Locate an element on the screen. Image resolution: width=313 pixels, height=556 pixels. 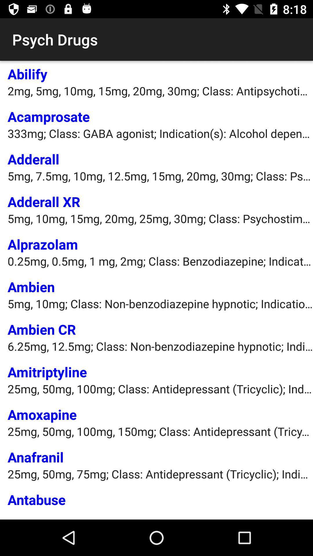
the app below 25mg 50mg 100mg is located at coordinates (36, 457).